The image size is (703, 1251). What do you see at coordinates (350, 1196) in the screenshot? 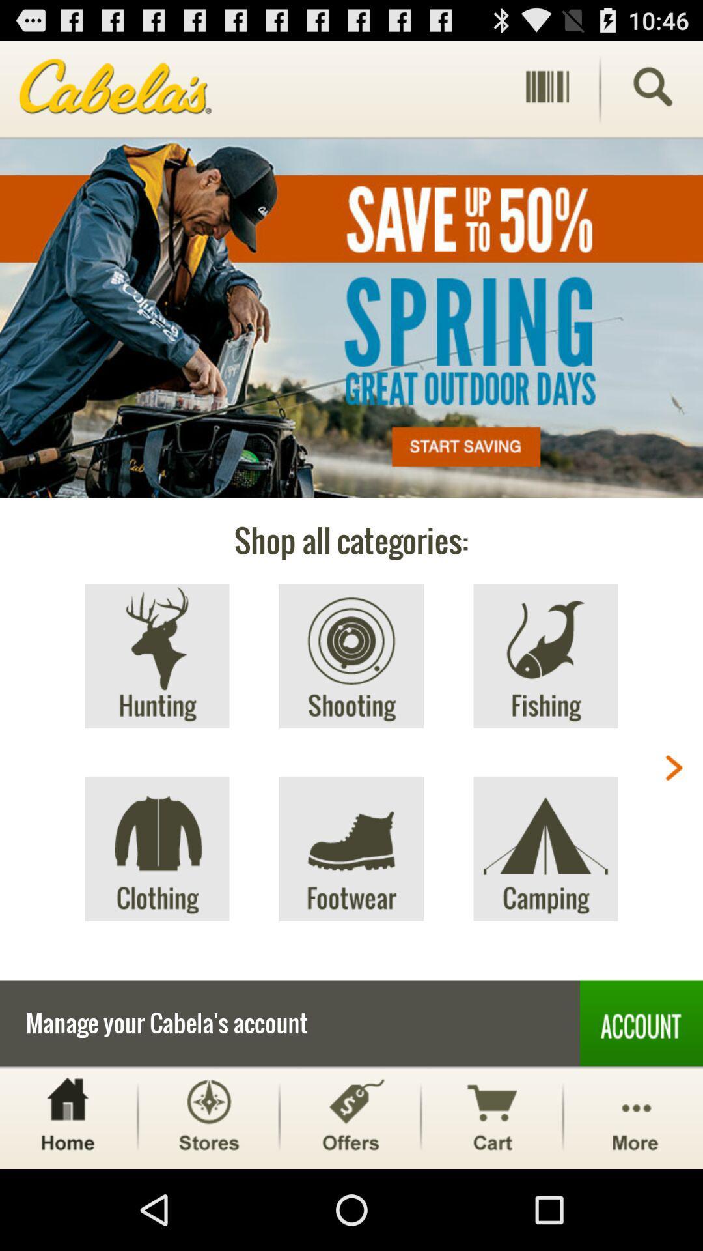
I see `the label icon` at bounding box center [350, 1196].